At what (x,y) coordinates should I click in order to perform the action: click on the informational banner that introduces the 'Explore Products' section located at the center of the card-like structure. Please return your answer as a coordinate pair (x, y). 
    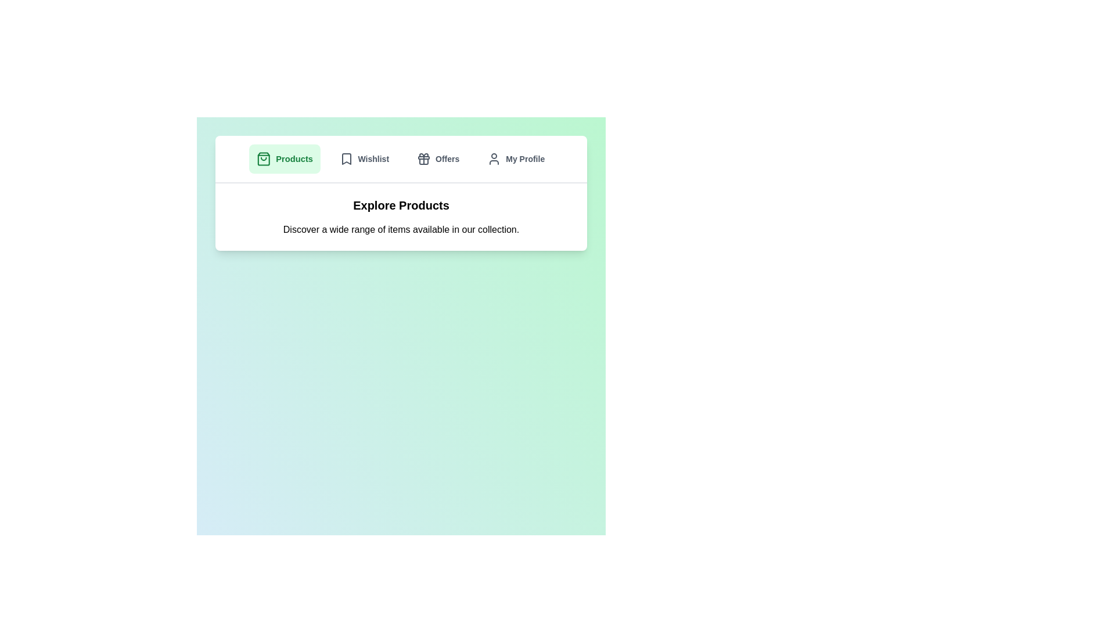
    Looking at the image, I should click on (401, 217).